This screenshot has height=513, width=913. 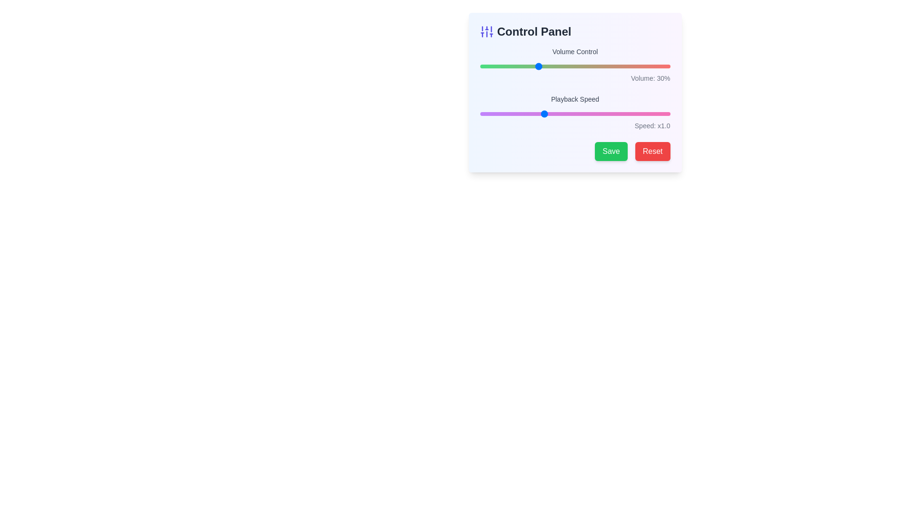 I want to click on the playback speed slider to set the speed to 1, so click(x=543, y=113).